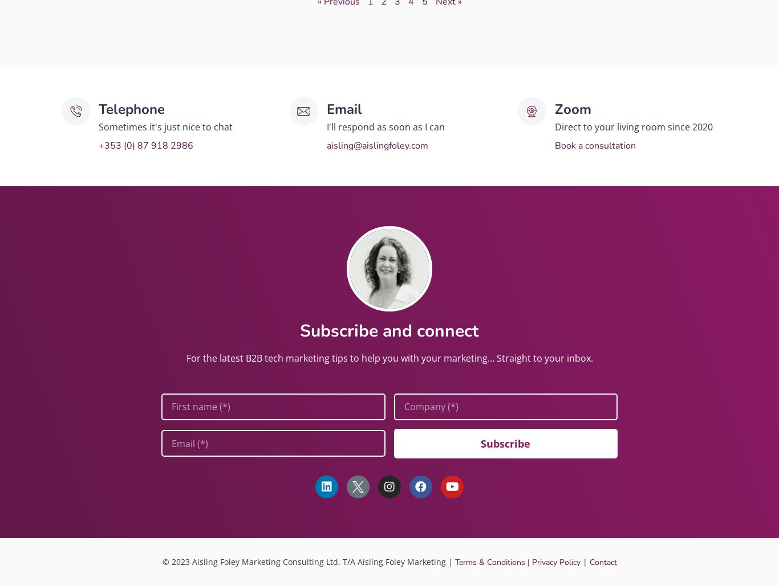  I want to click on 'aisling@aislingfoley.com', so click(376, 144).